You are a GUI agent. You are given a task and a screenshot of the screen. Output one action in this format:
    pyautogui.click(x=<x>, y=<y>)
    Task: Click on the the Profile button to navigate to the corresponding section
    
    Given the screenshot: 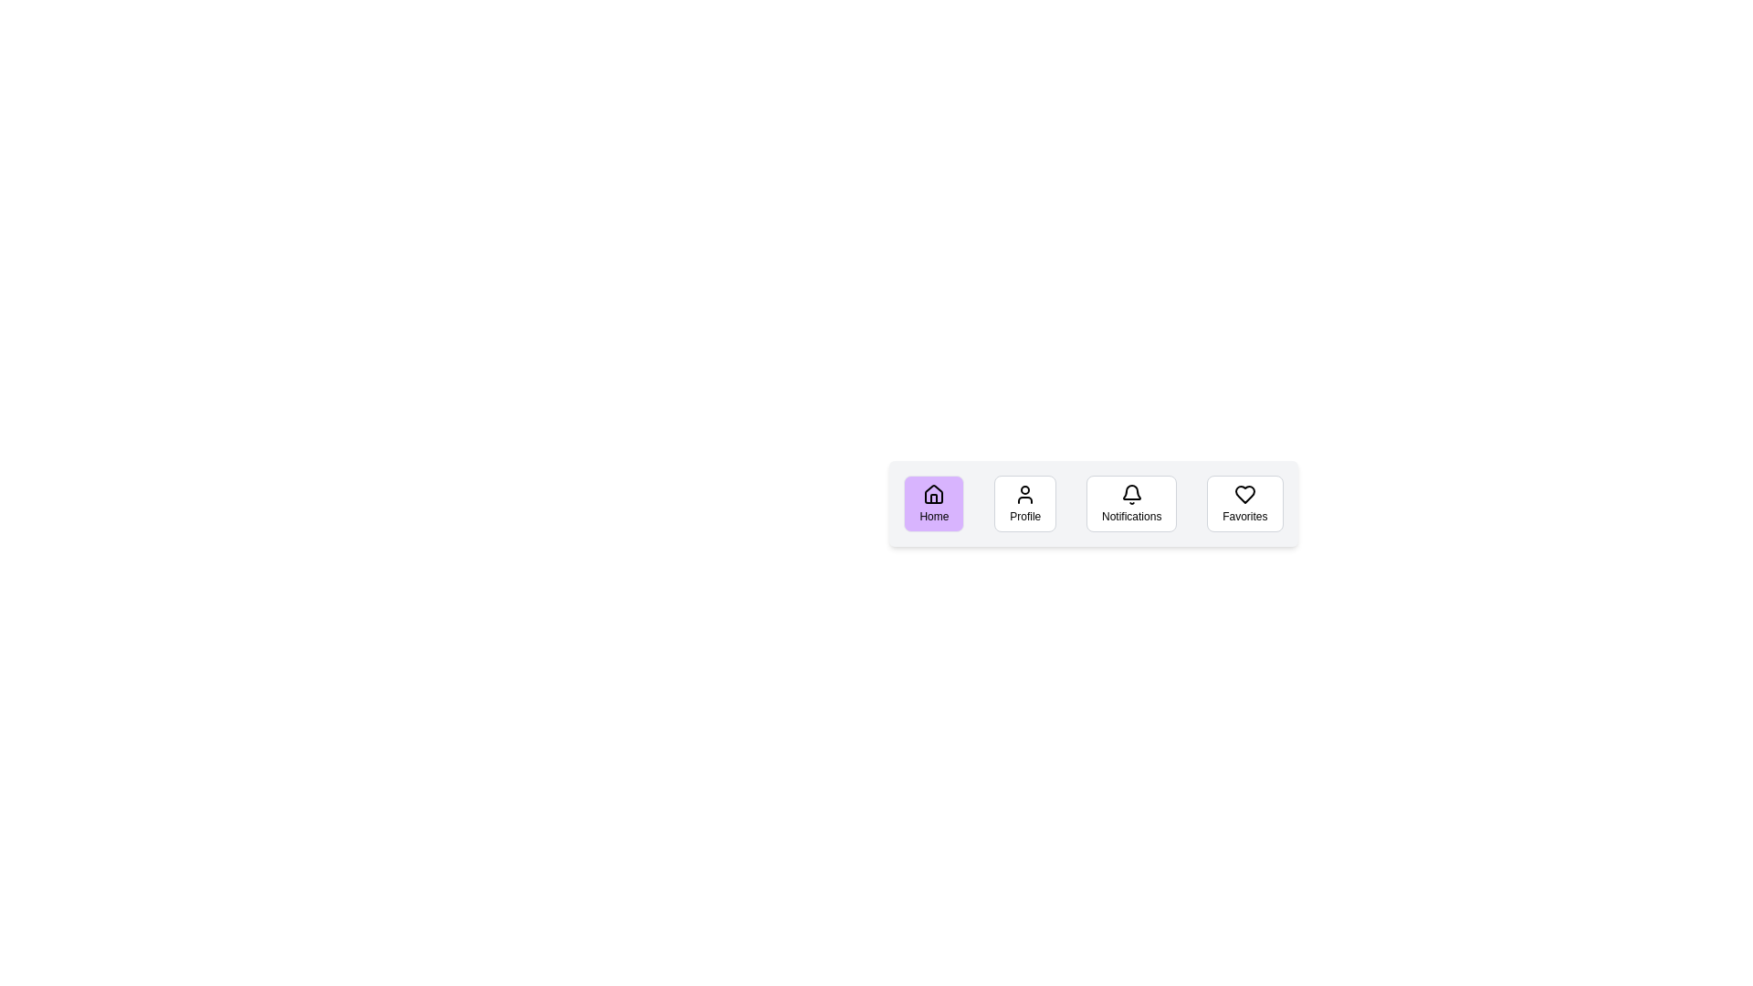 What is the action you would take?
    pyautogui.click(x=1025, y=503)
    